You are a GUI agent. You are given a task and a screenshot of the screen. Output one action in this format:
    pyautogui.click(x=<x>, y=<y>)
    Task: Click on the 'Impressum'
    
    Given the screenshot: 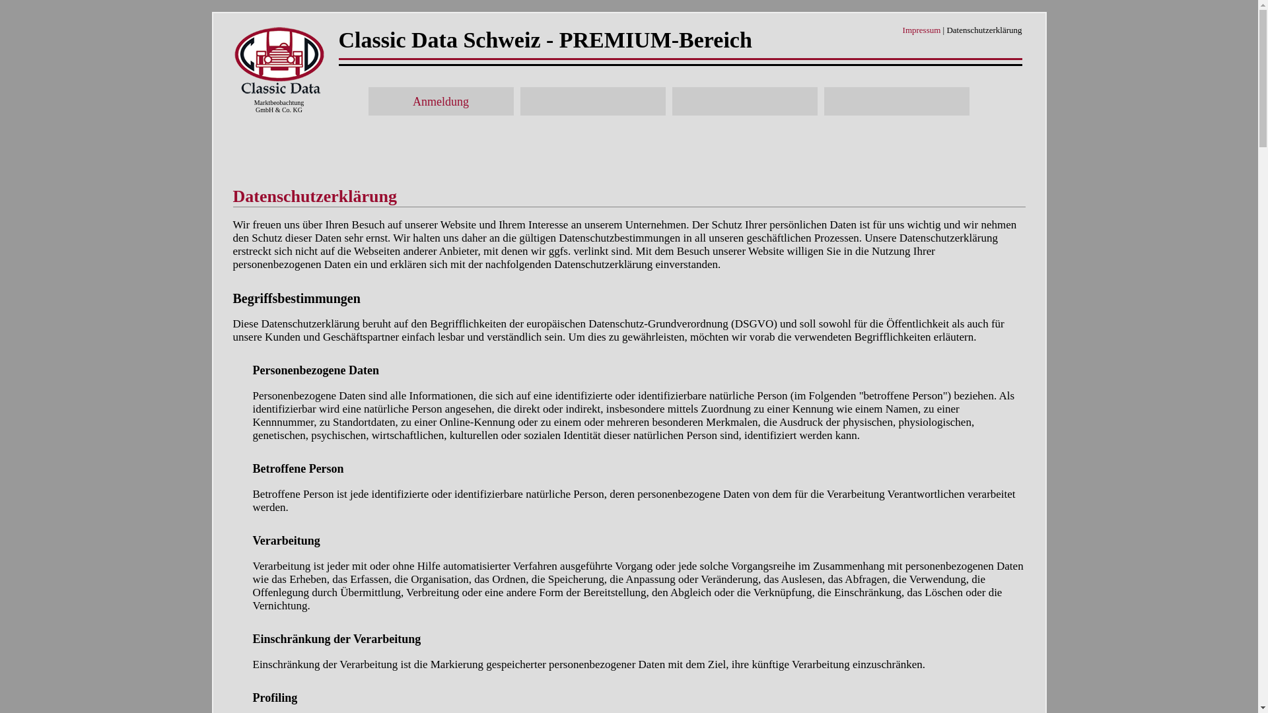 What is the action you would take?
    pyautogui.click(x=902, y=30)
    